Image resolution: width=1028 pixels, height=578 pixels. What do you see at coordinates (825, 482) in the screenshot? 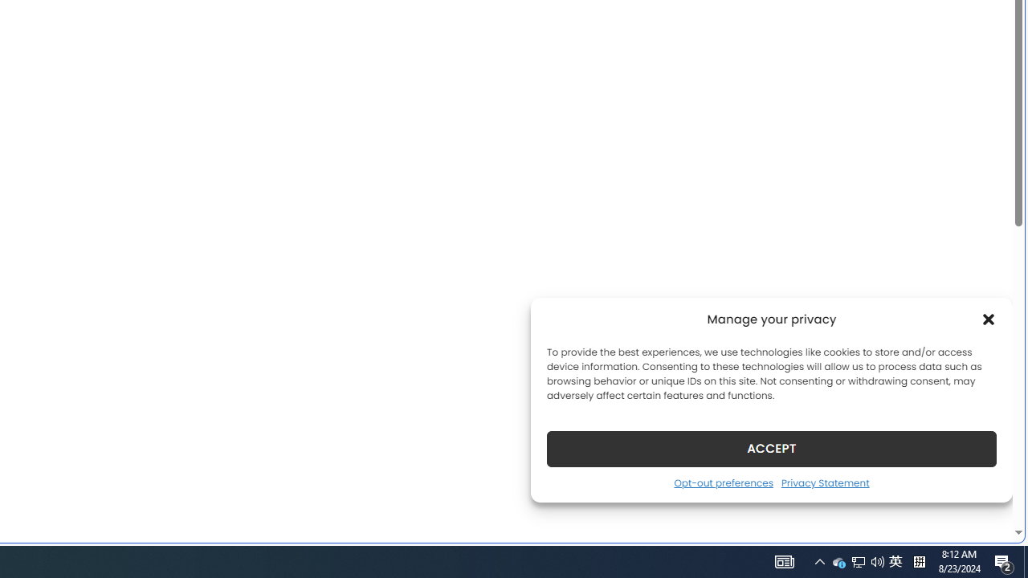
I see `'Privacy Statement'` at bounding box center [825, 482].